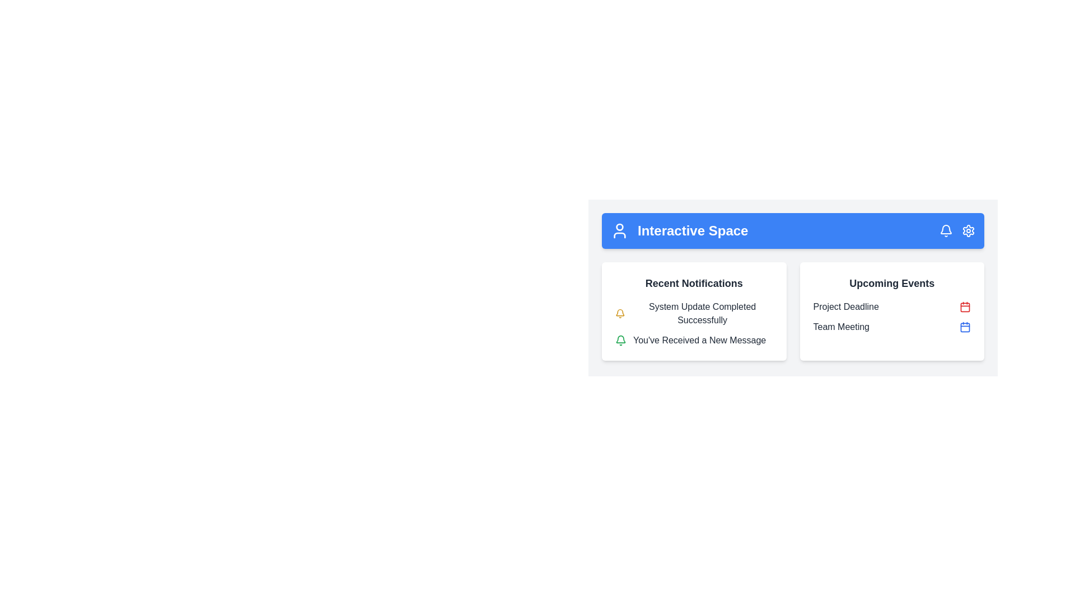 The image size is (1075, 604). Describe the element at coordinates (968, 230) in the screenshot. I see `the blue cogwheel icon in the top-right corner of the header bar` at that location.